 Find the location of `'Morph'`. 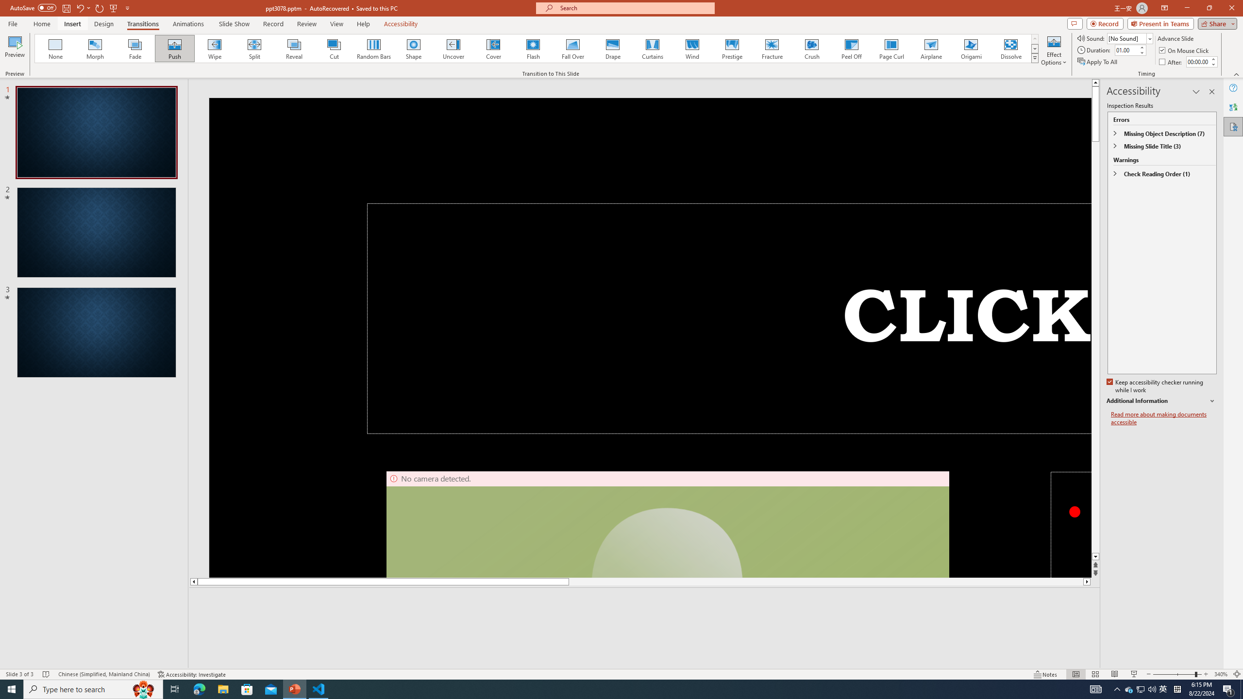

'Morph' is located at coordinates (95, 48).